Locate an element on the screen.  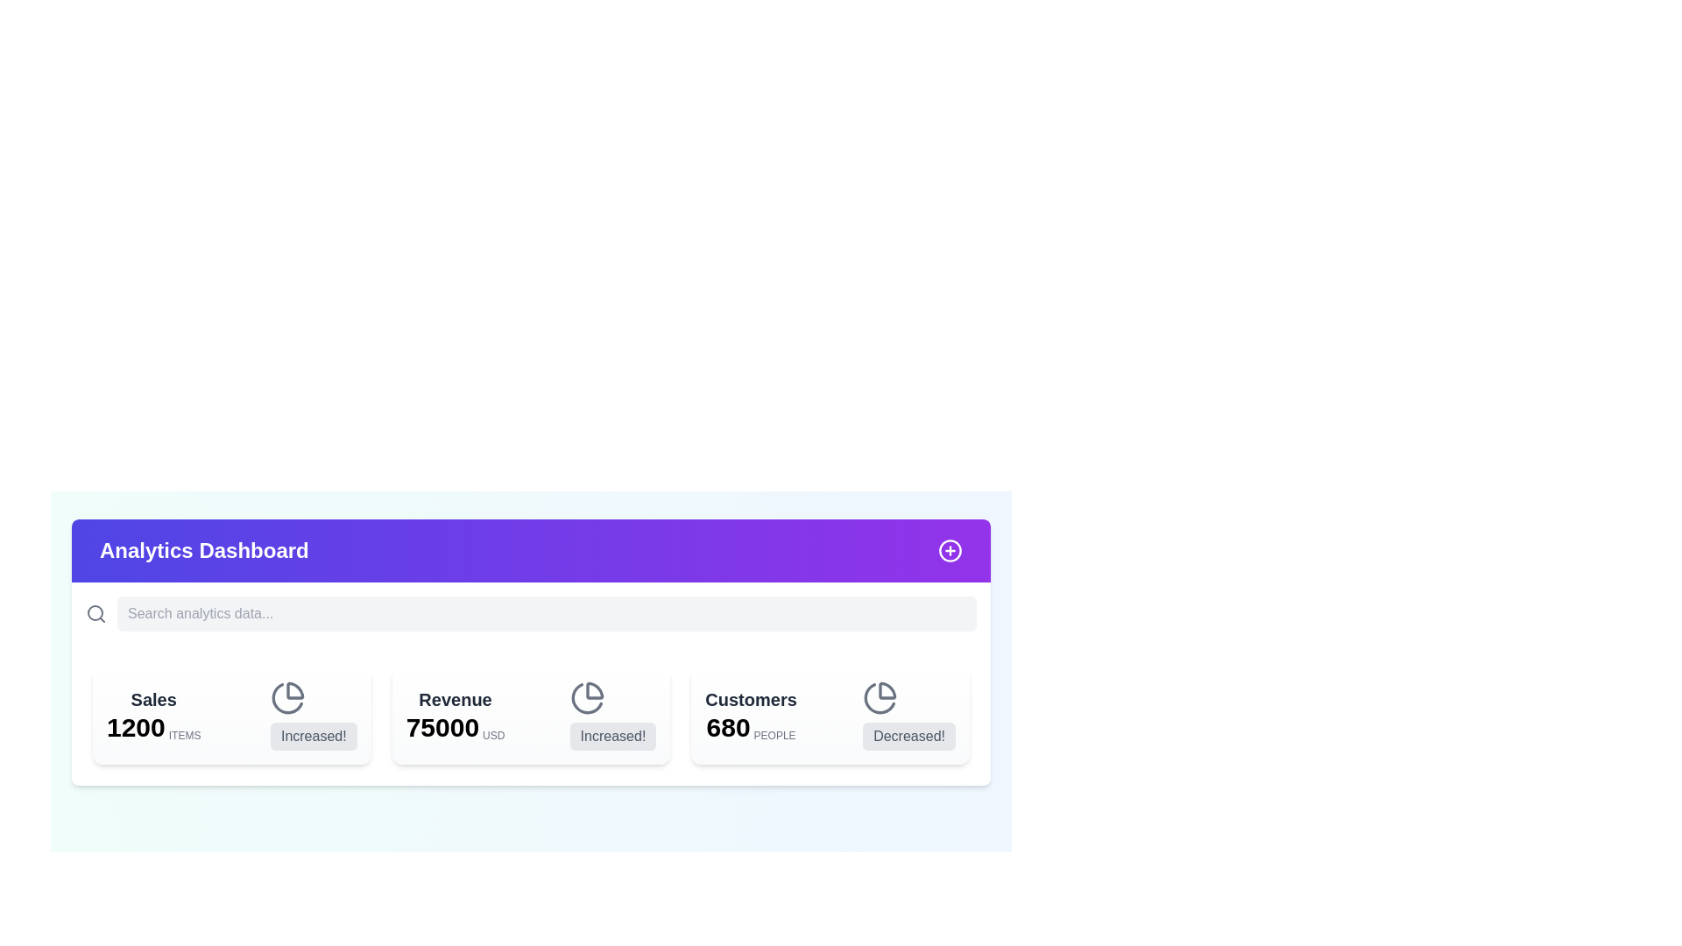
the static text display that shows the value '75000' in bold, large black text, located between the title 'Revenue' and the currency indicator 'USD' is located at coordinates (442, 727).